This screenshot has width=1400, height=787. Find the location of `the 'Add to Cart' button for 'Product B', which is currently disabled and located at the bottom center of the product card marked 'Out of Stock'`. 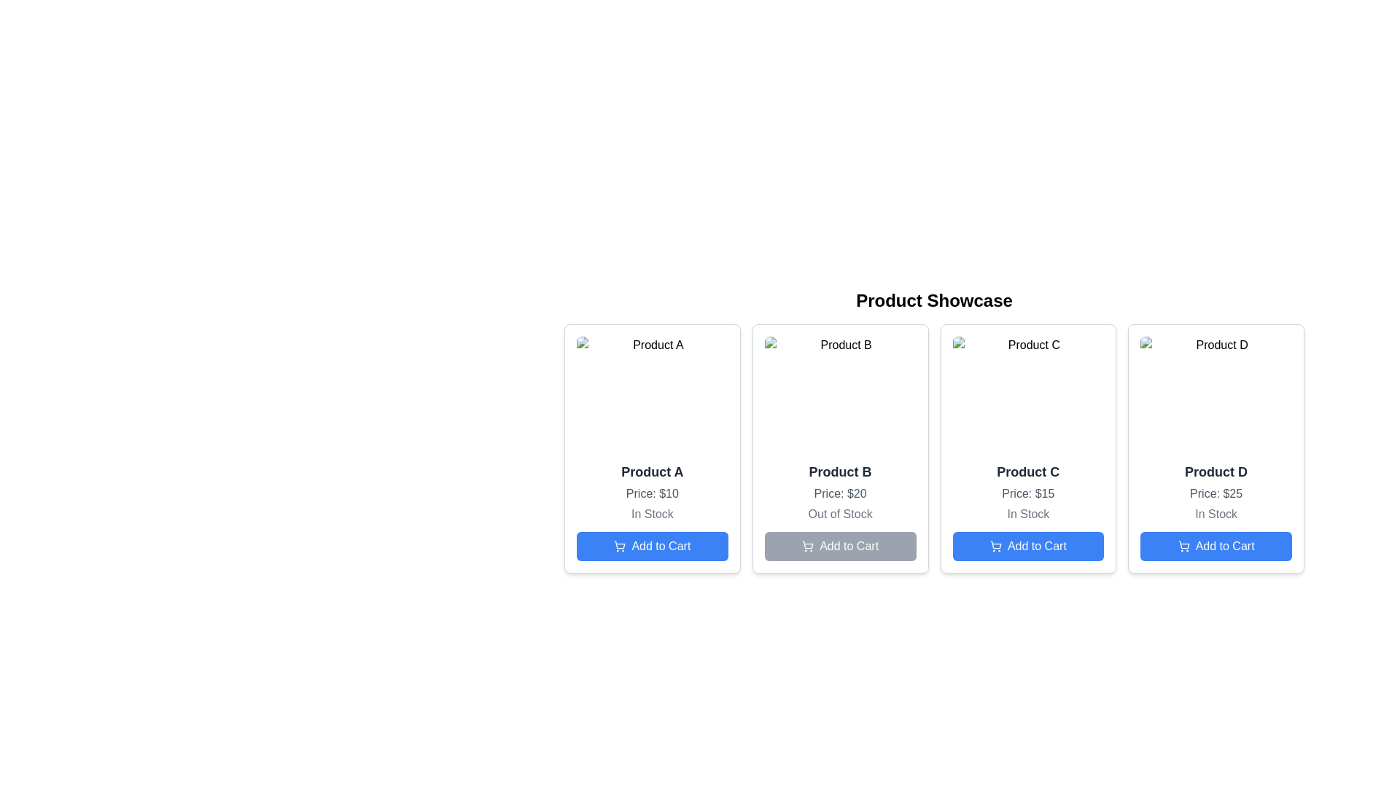

the 'Add to Cart' button for 'Product B', which is currently disabled and located at the bottom center of the product card marked 'Out of Stock' is located at coordinates (840, 546).